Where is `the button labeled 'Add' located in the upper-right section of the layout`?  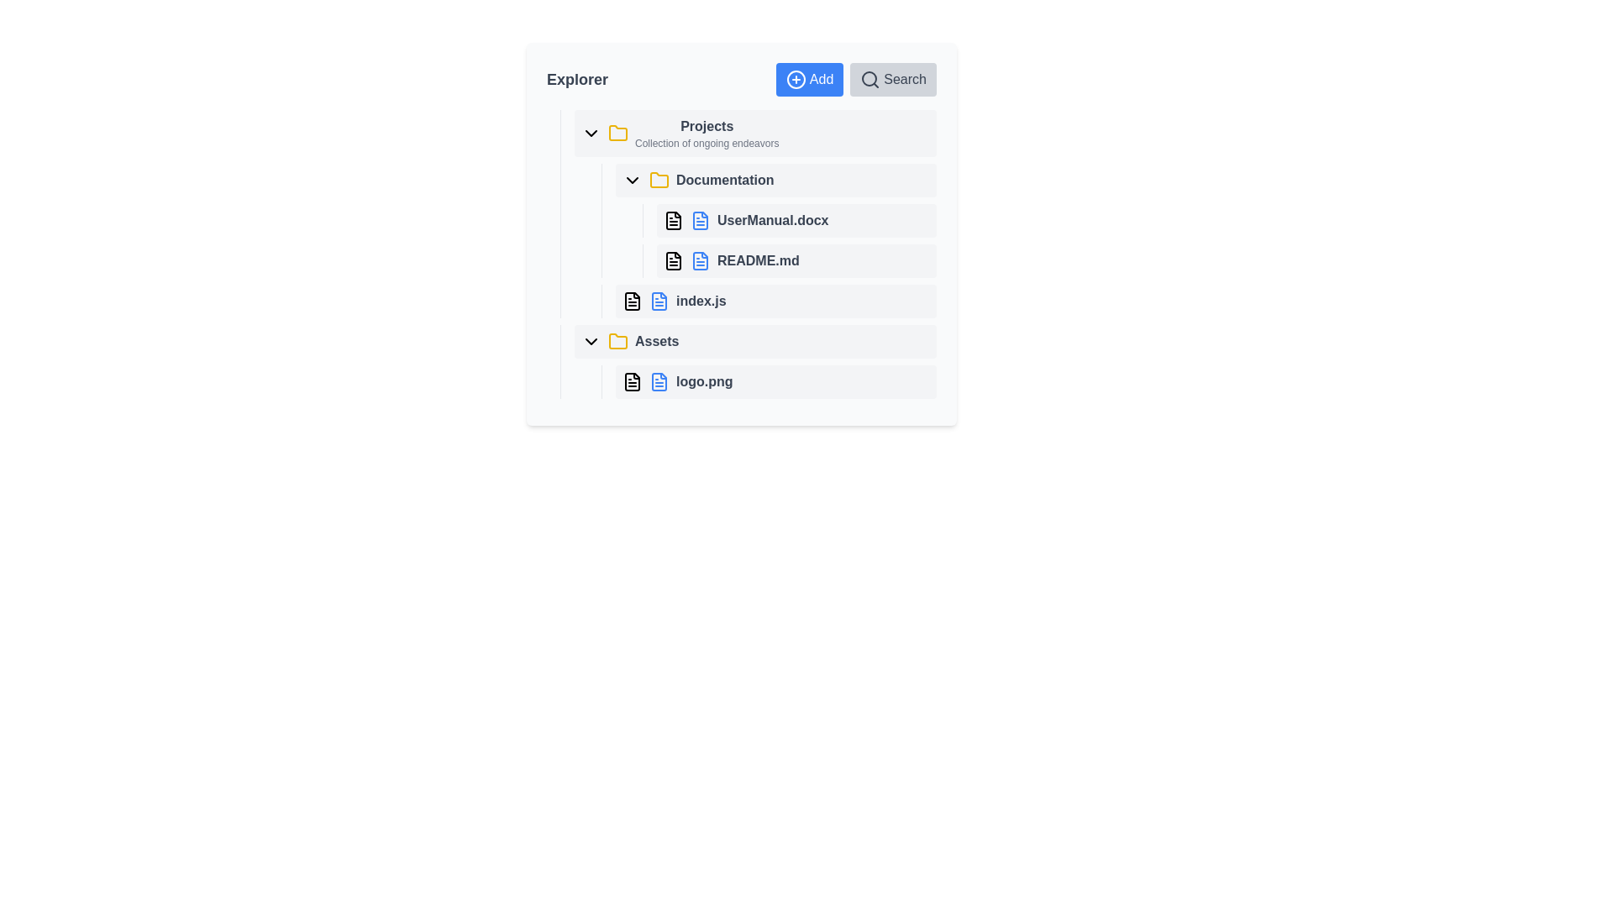
the button labeled 'Add' located in the upper-right section of the layout is located at coordinates (822, 80).